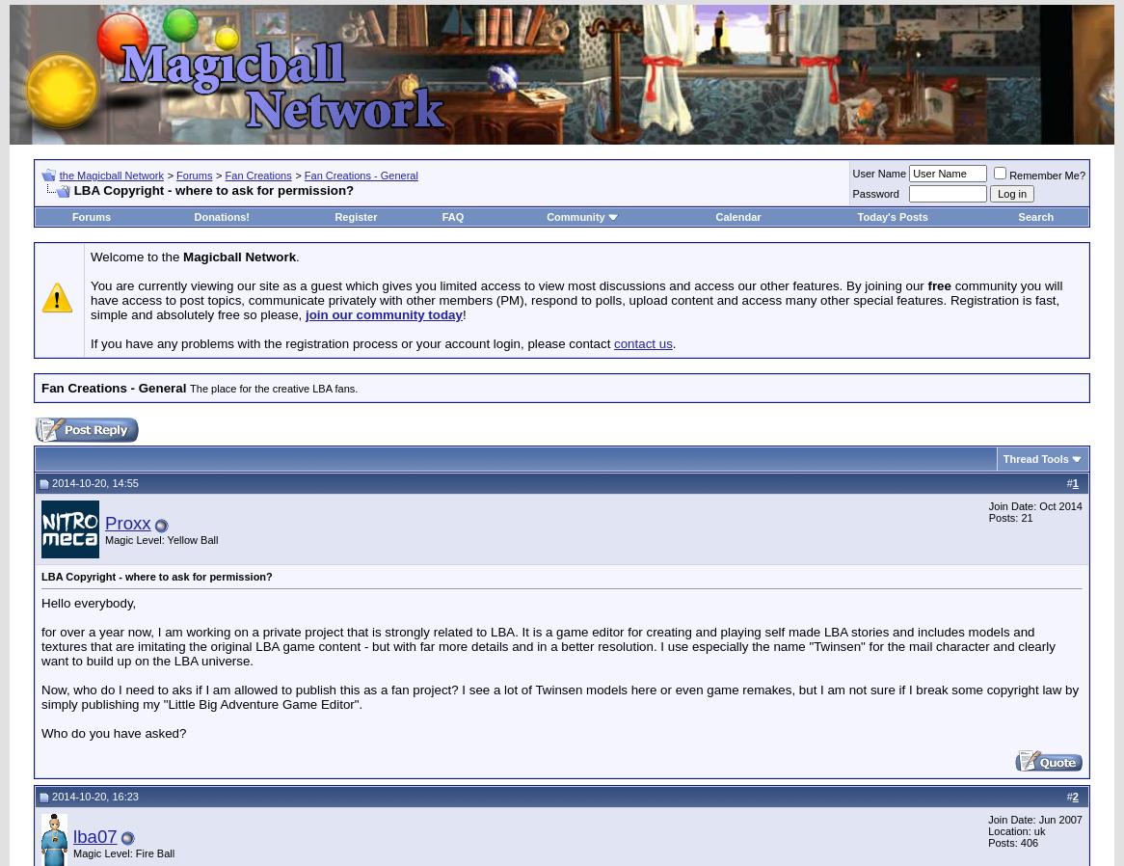 This screenshot has width=1124, height=866. Describe the element at coordinates (274, 389) in the screenshot. I see `'The place for the creative LBA fans.'` at that location.